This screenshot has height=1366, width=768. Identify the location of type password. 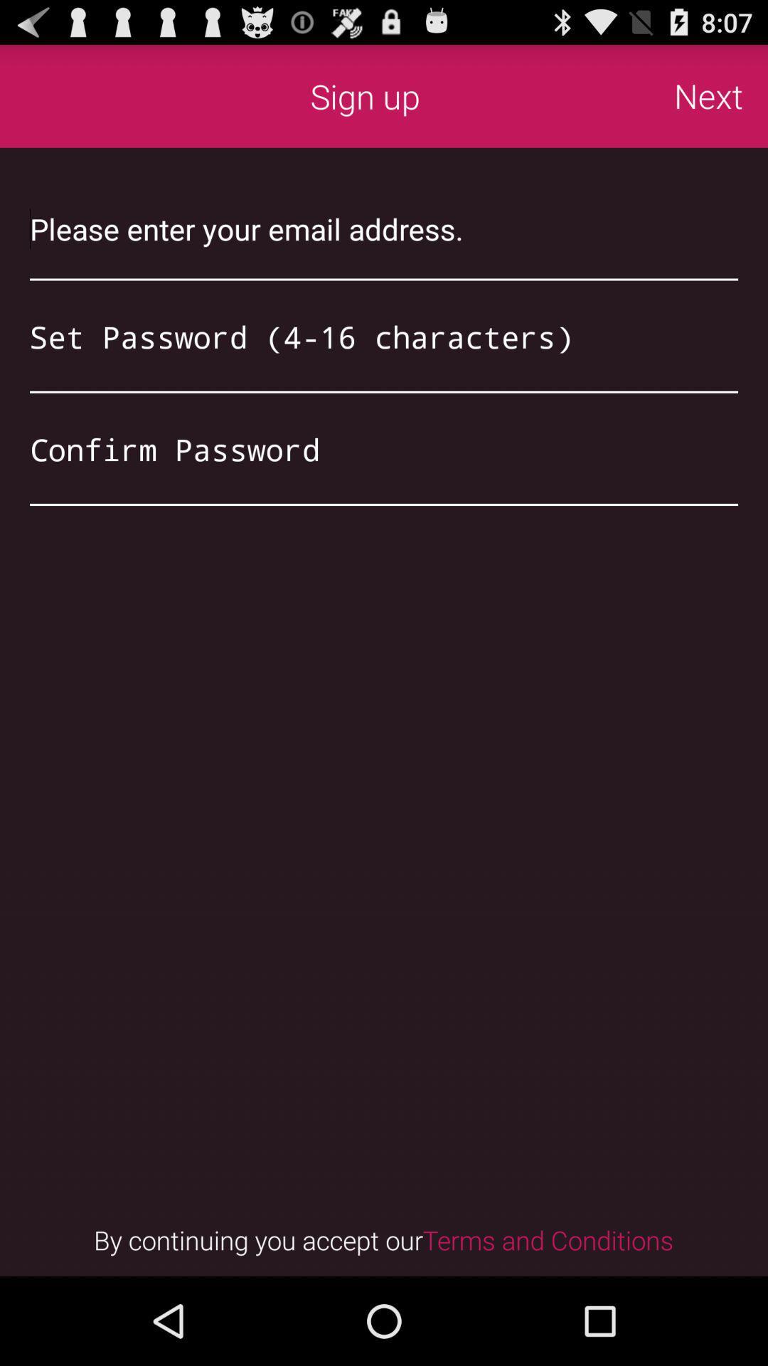
(384, 448).